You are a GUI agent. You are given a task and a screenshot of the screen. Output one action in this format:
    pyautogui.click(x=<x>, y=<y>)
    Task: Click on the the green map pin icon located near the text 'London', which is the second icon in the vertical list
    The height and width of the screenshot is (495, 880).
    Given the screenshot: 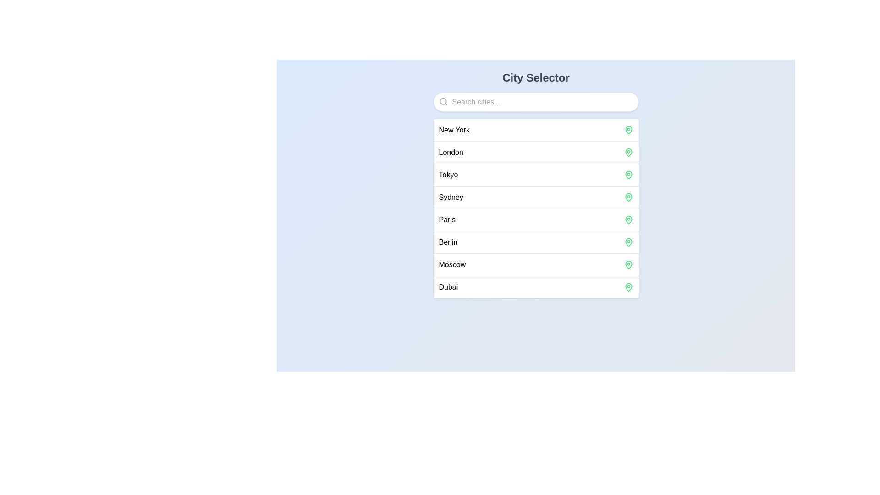 What is the action you would take?
    pyautogui.click(x=628, y=152)
    